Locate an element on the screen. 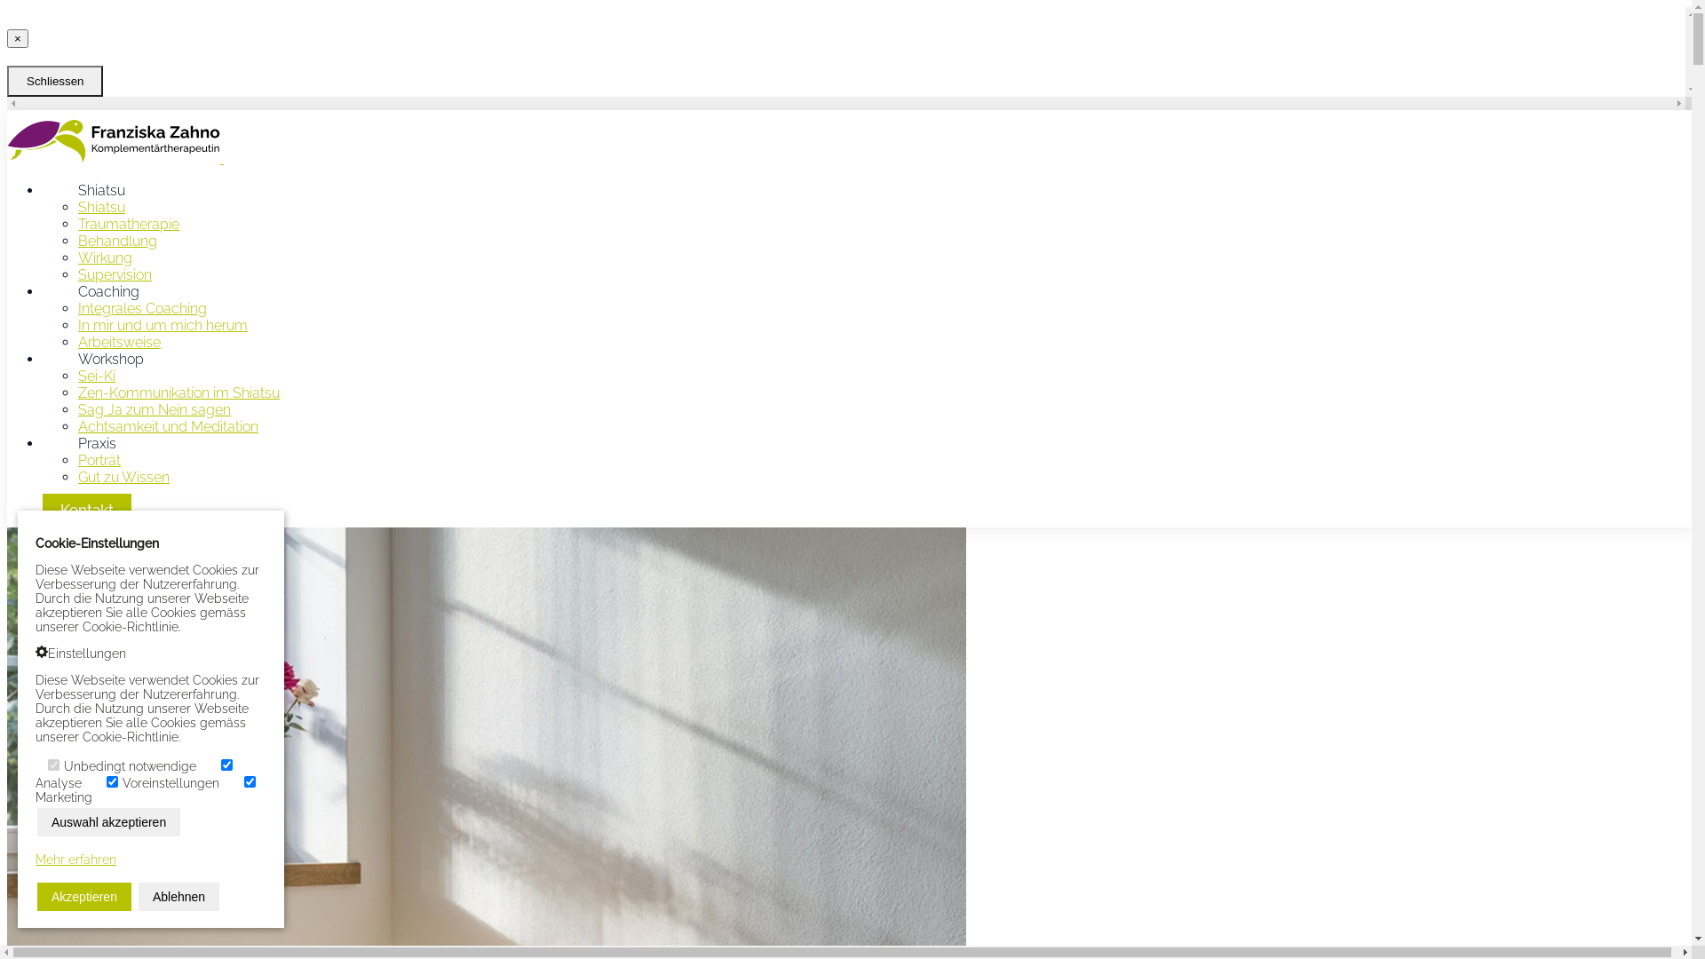  'Arbeitsweise' is located at coordinates (118, 342).